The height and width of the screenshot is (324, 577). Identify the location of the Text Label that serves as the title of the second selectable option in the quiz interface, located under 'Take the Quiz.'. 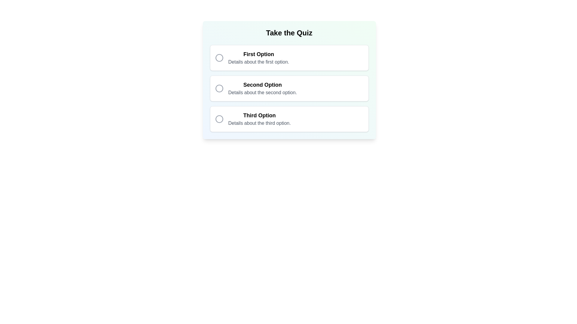
(262, 85).